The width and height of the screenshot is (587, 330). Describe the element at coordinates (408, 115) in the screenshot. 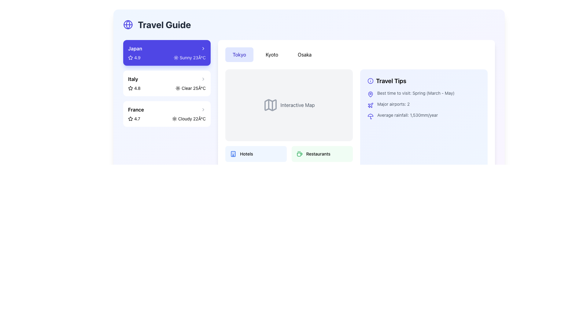

I see `the text label displaying 'Average rainfall: 1,530mm/year' located at the bottom of the 'Travel Tips' section, directly to the right of the umbrella icon` at that location.